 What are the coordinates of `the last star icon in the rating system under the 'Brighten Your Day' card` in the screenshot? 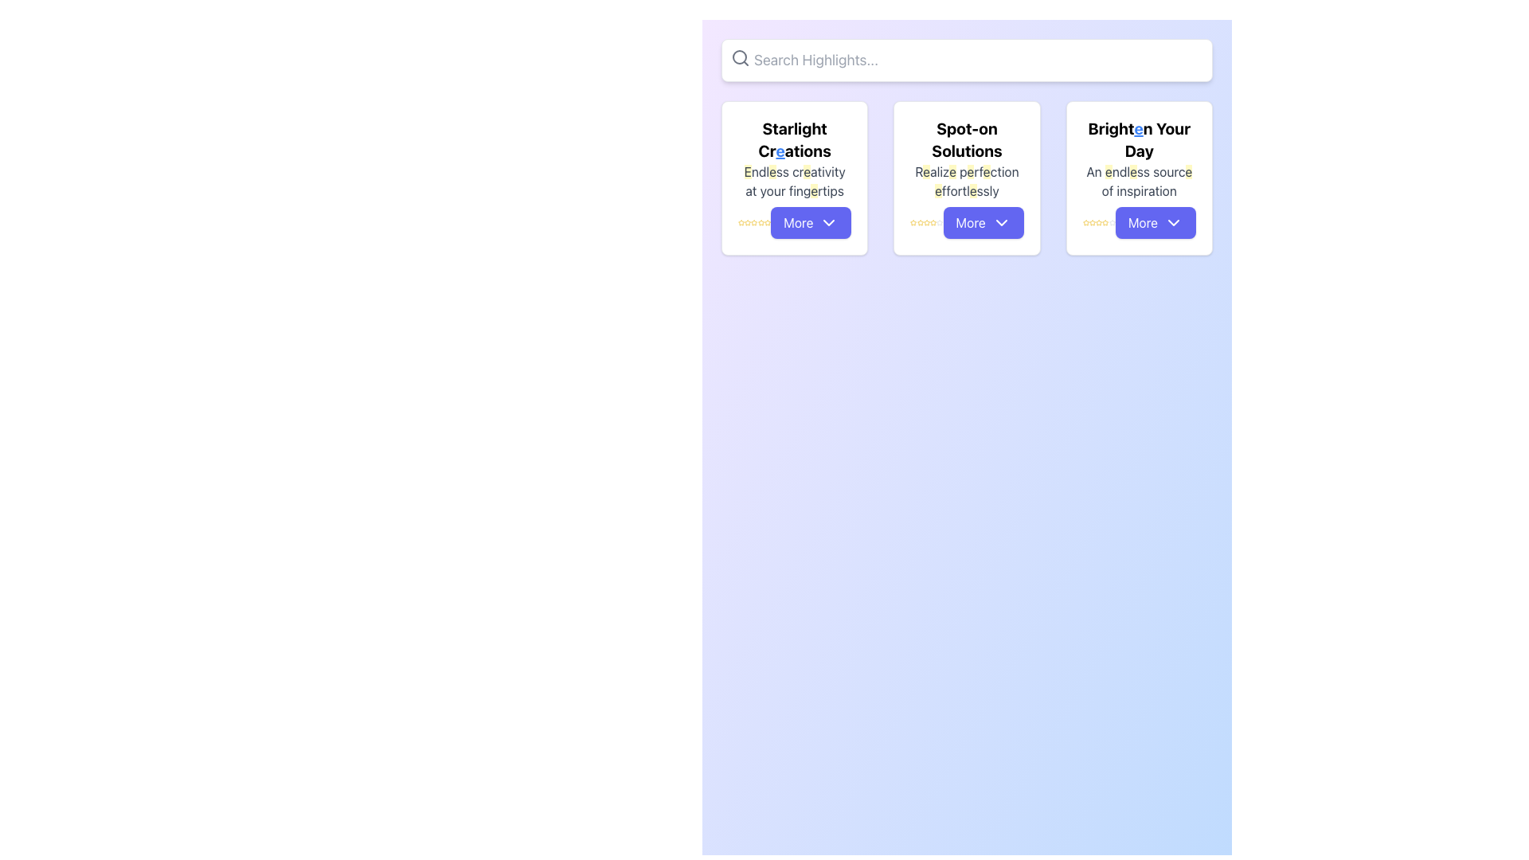 It's located at (1111, 223).